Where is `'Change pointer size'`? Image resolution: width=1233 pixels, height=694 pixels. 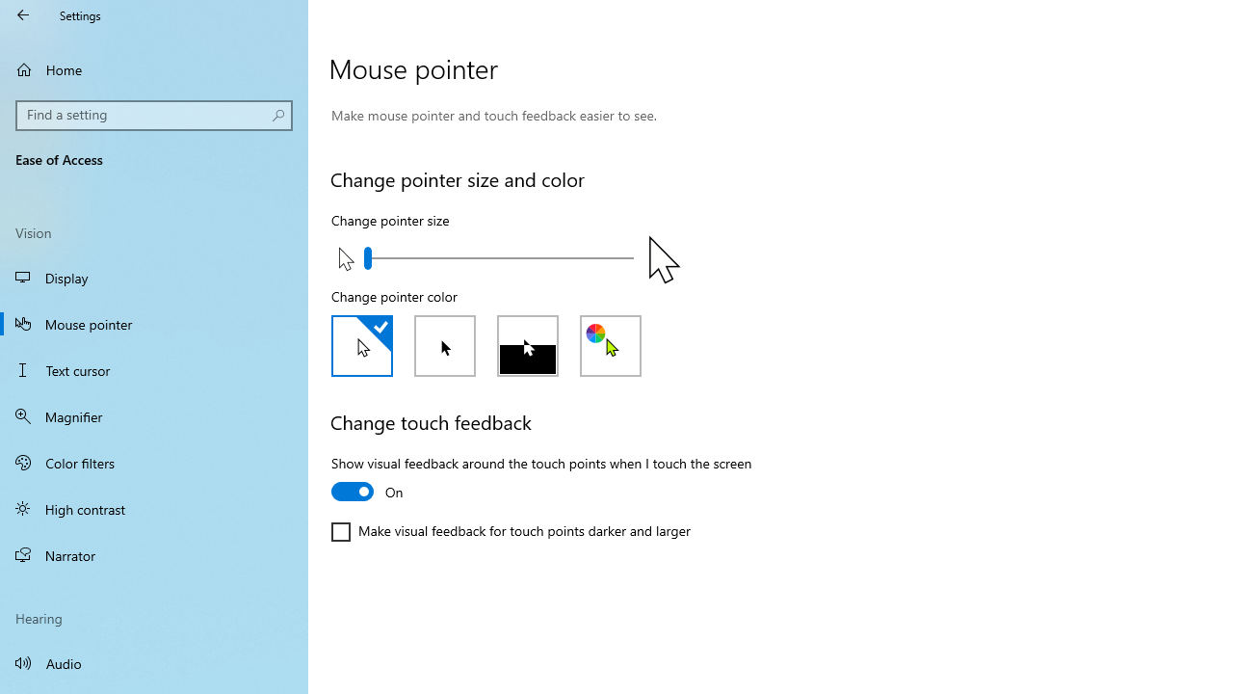
'Change pointer size' is located at coordinates (498, 256).